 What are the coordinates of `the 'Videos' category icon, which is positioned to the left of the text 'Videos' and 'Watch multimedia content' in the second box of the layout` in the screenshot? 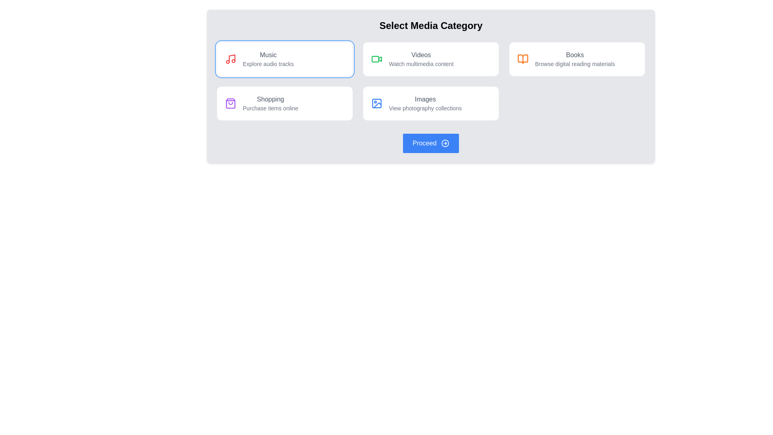 It's located at (376, 58).